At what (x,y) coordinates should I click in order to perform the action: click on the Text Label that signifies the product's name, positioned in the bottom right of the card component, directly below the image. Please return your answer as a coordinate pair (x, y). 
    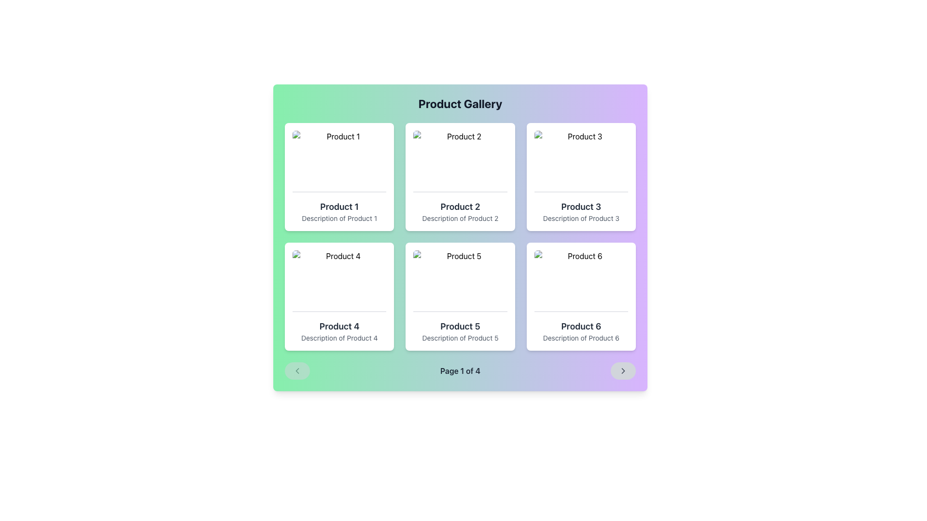
    Looking at the image, I should click on (580, 326).